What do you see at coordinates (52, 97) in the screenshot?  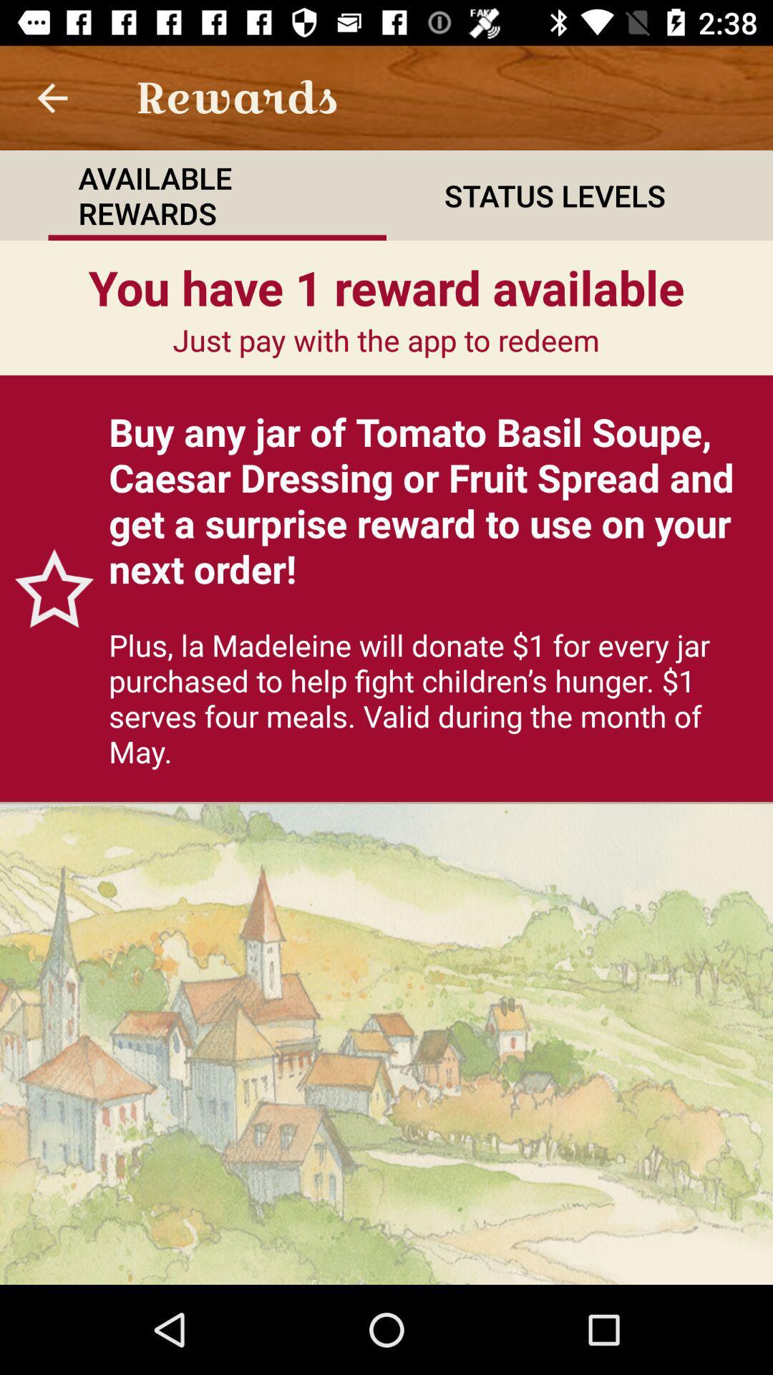 I see `item above the available rewards item` at bounding box center [52, 97].